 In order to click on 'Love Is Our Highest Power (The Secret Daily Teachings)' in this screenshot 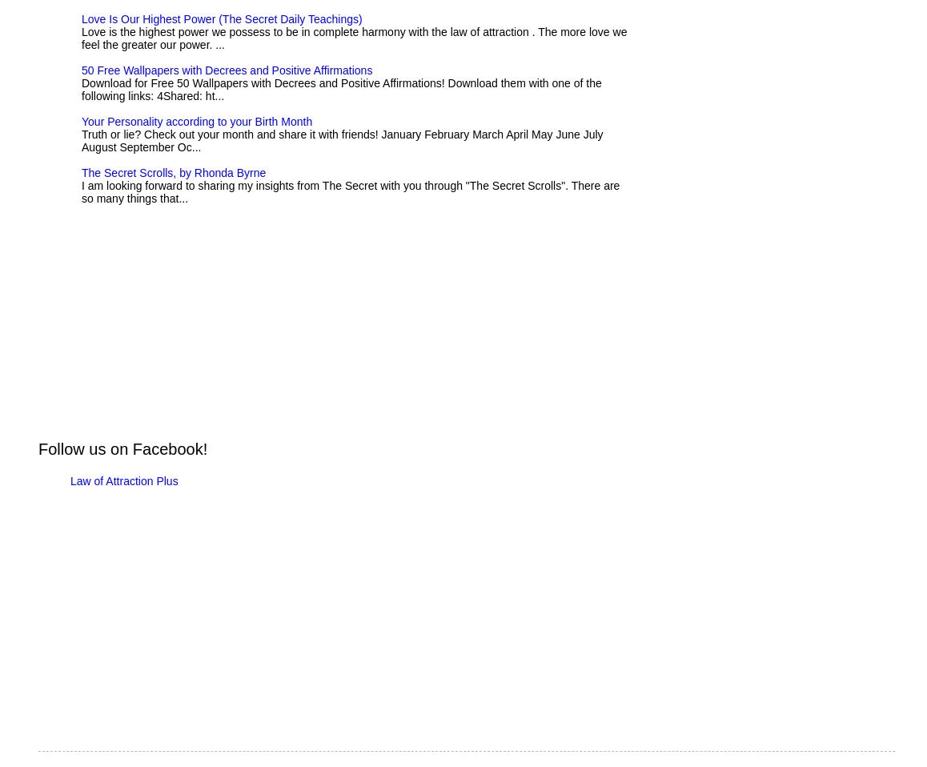, I will do `click(220, 18)`.